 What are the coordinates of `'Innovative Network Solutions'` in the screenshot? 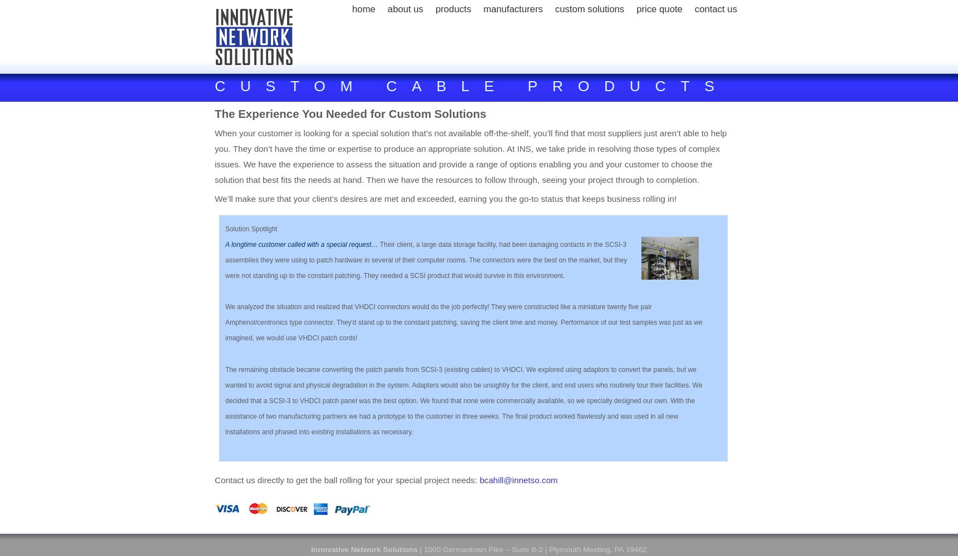 It's located at (364, 549).